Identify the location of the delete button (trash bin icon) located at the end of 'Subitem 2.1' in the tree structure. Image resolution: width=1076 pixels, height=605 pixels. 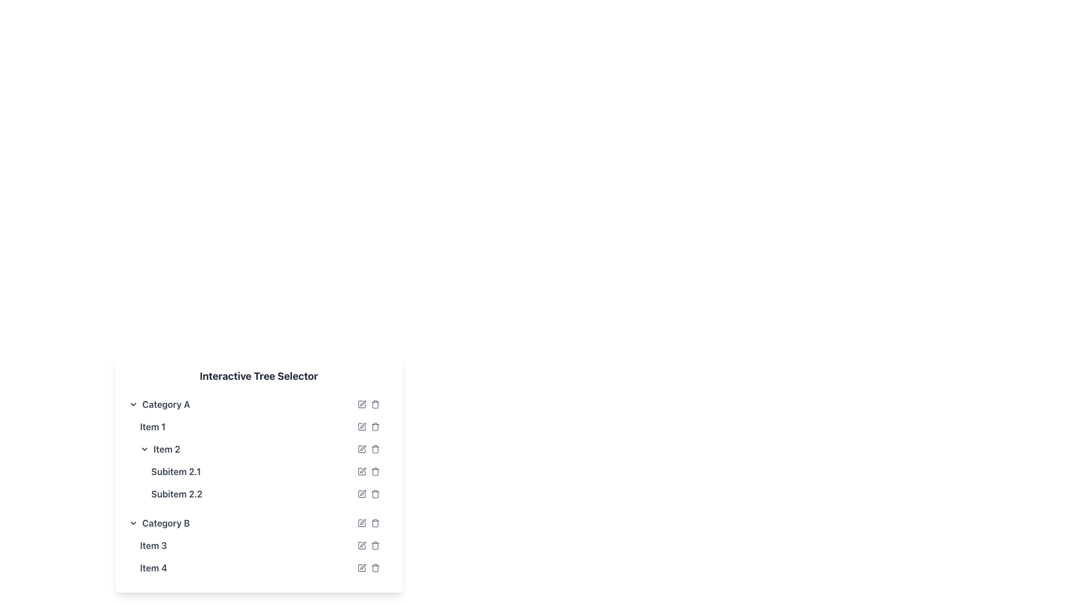
(375, 471).